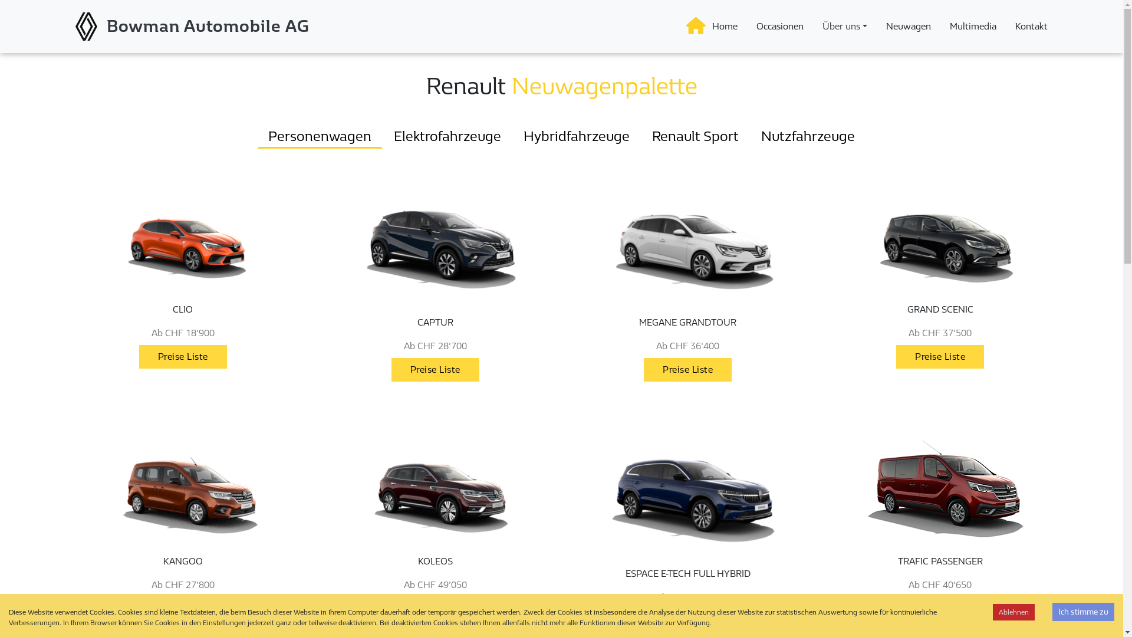 This screenshot has width=1132, height=637. Describe the element at coordinates (1083, 611) in the screenshot. I see `'Ich stimme zu'` at that location.